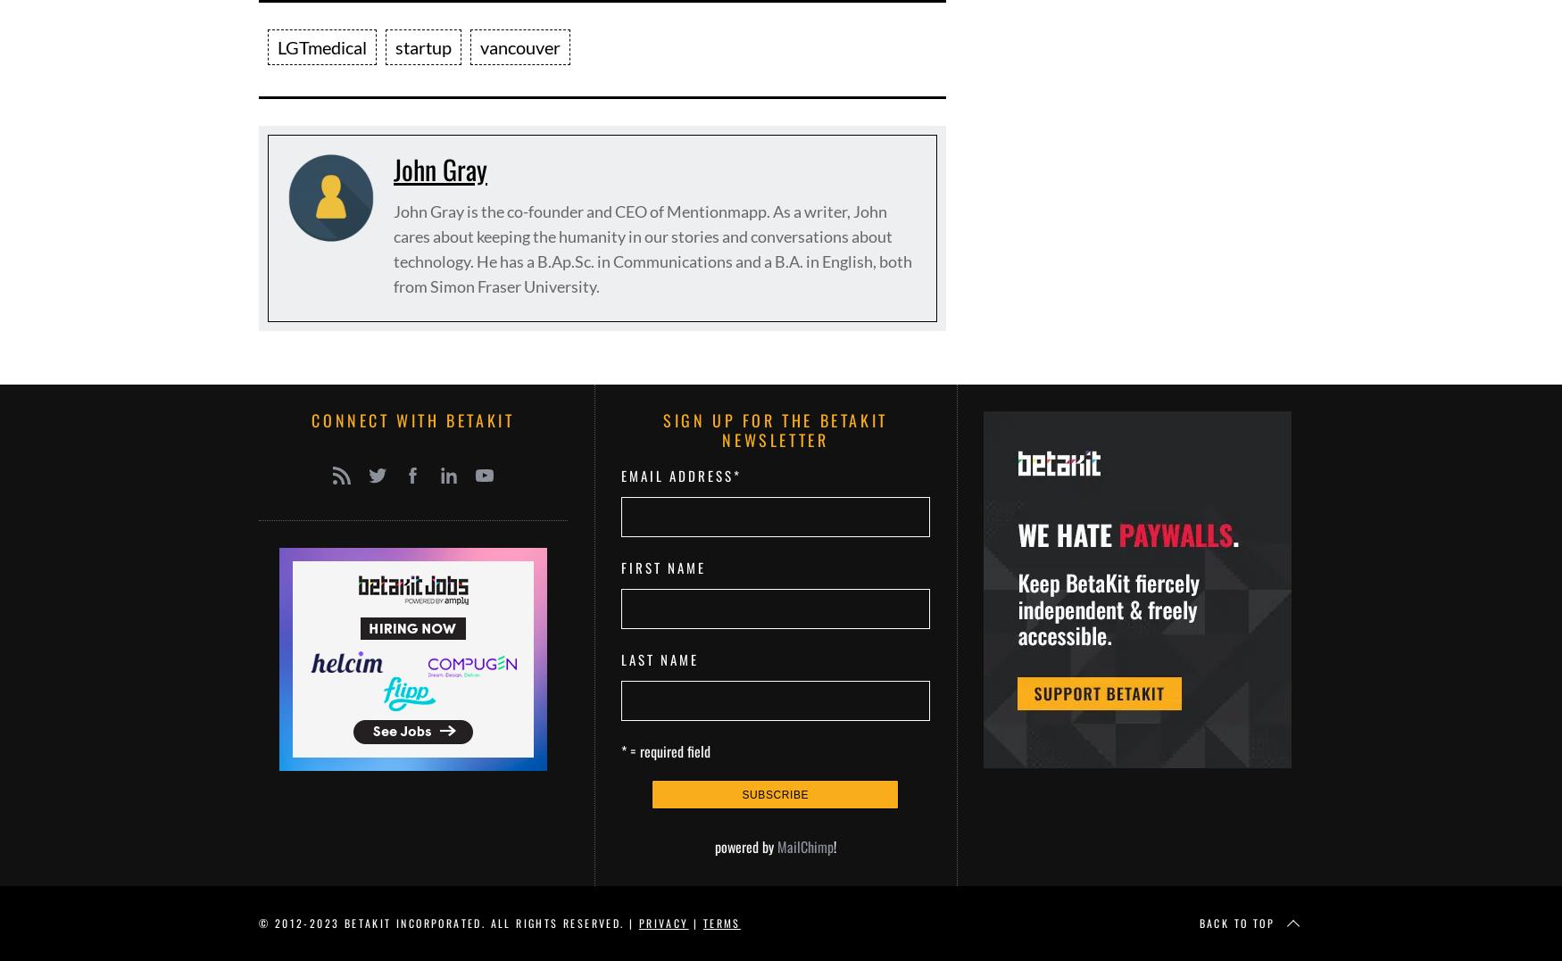 This screenshot has height=961, width=1562. Describe the element at coordinates (736, 475) in the screenshot. I see `'*'` at that location.